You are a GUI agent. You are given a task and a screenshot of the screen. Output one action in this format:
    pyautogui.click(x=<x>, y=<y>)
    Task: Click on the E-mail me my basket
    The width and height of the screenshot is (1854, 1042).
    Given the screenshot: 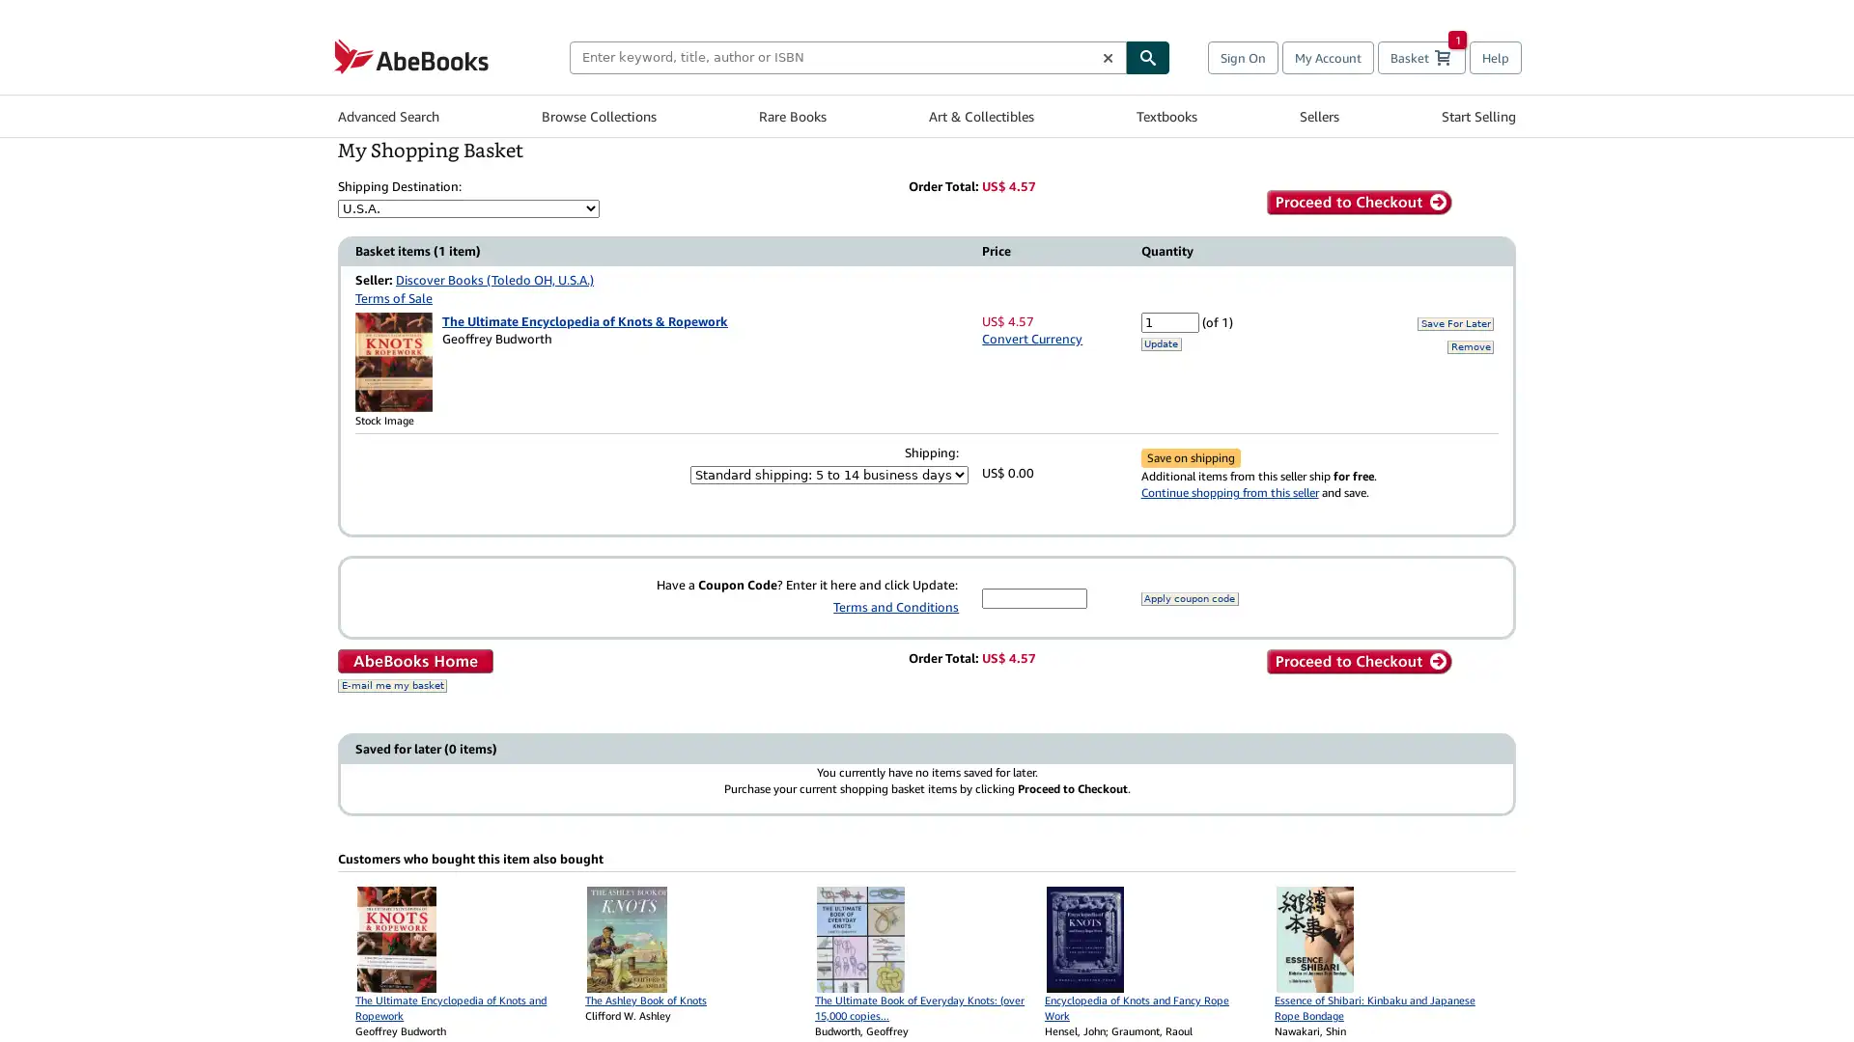 What is the action you would take?
    pyautogui.click(x=391, y=684)
    